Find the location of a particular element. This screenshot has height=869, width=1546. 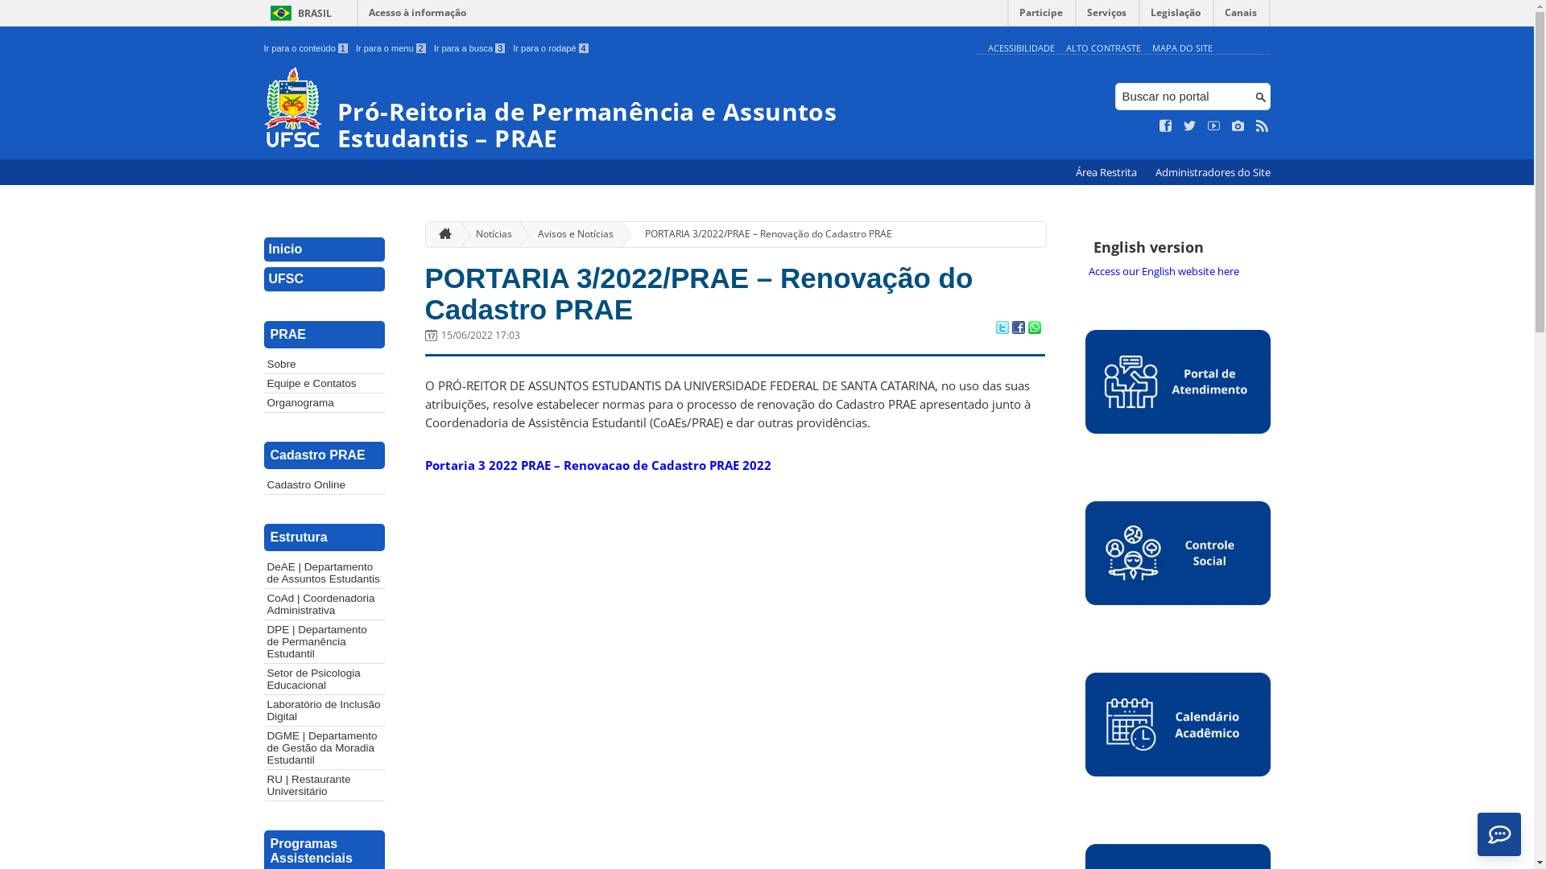

'Setor de Psicologia Educacional' is located at coordinates (263, 679).